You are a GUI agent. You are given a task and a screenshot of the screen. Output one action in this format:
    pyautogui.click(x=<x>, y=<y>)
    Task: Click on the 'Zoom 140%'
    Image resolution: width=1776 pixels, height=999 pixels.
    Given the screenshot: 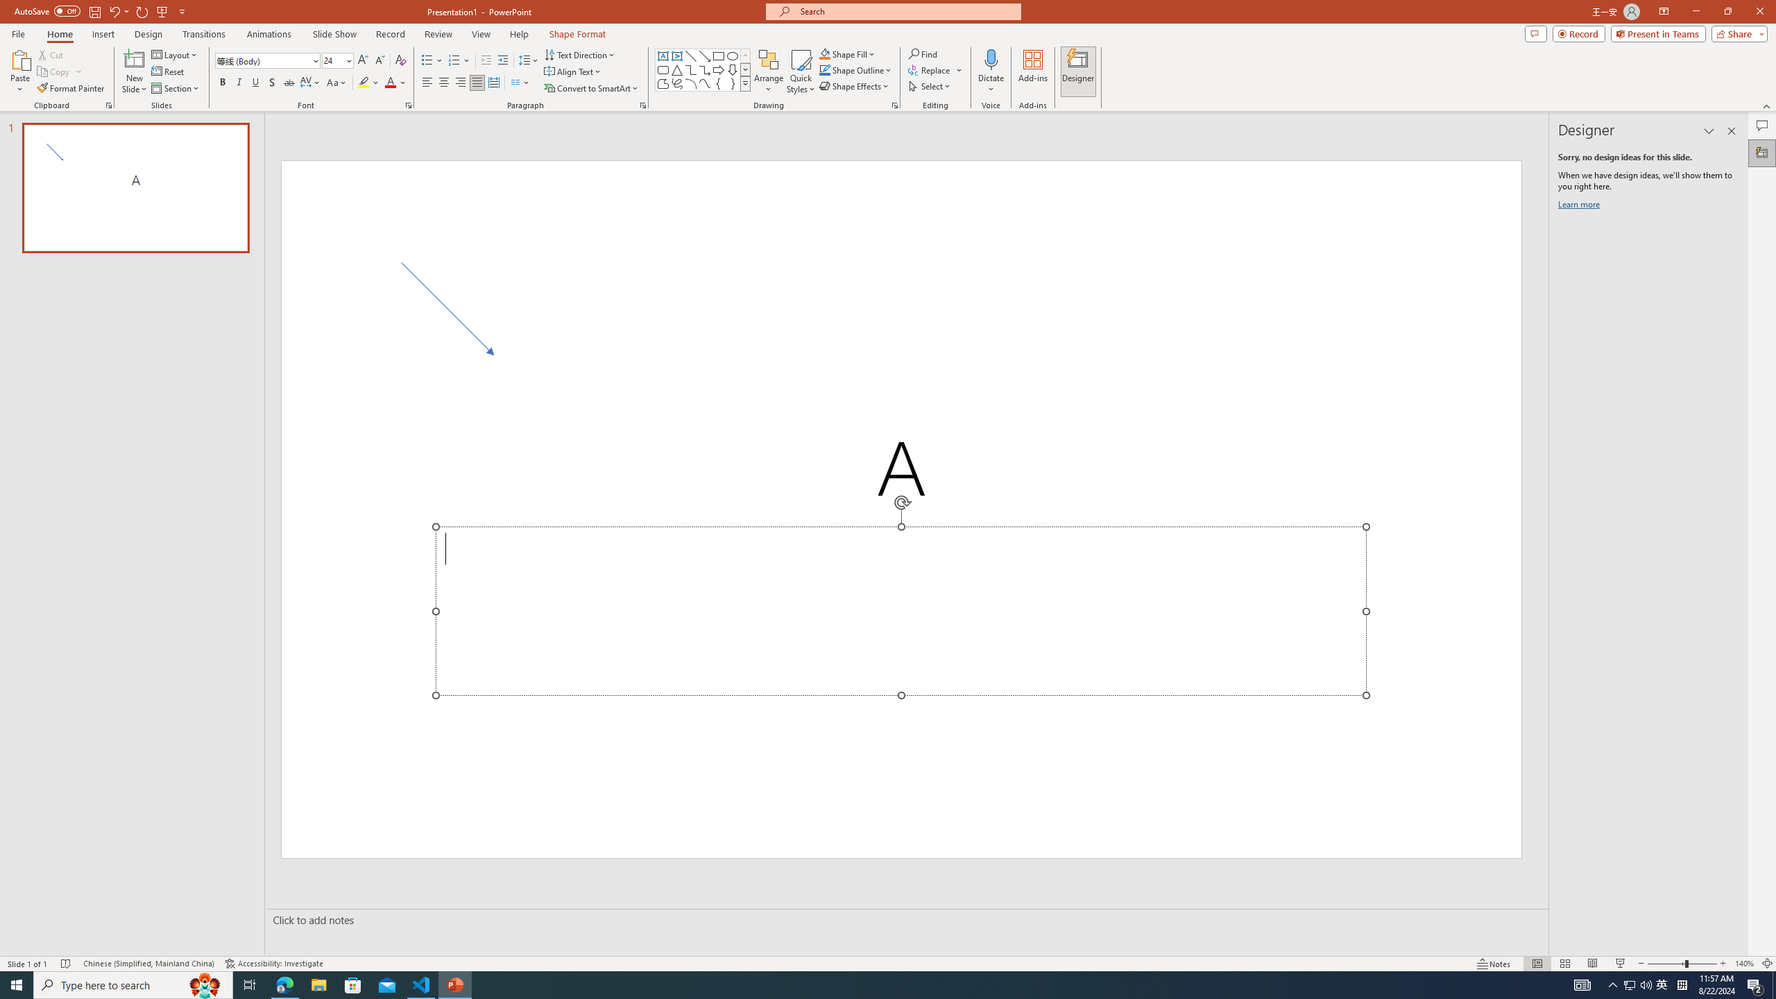 What is the action you would take?
    pyautogui.click(x=1745, y=964)
    